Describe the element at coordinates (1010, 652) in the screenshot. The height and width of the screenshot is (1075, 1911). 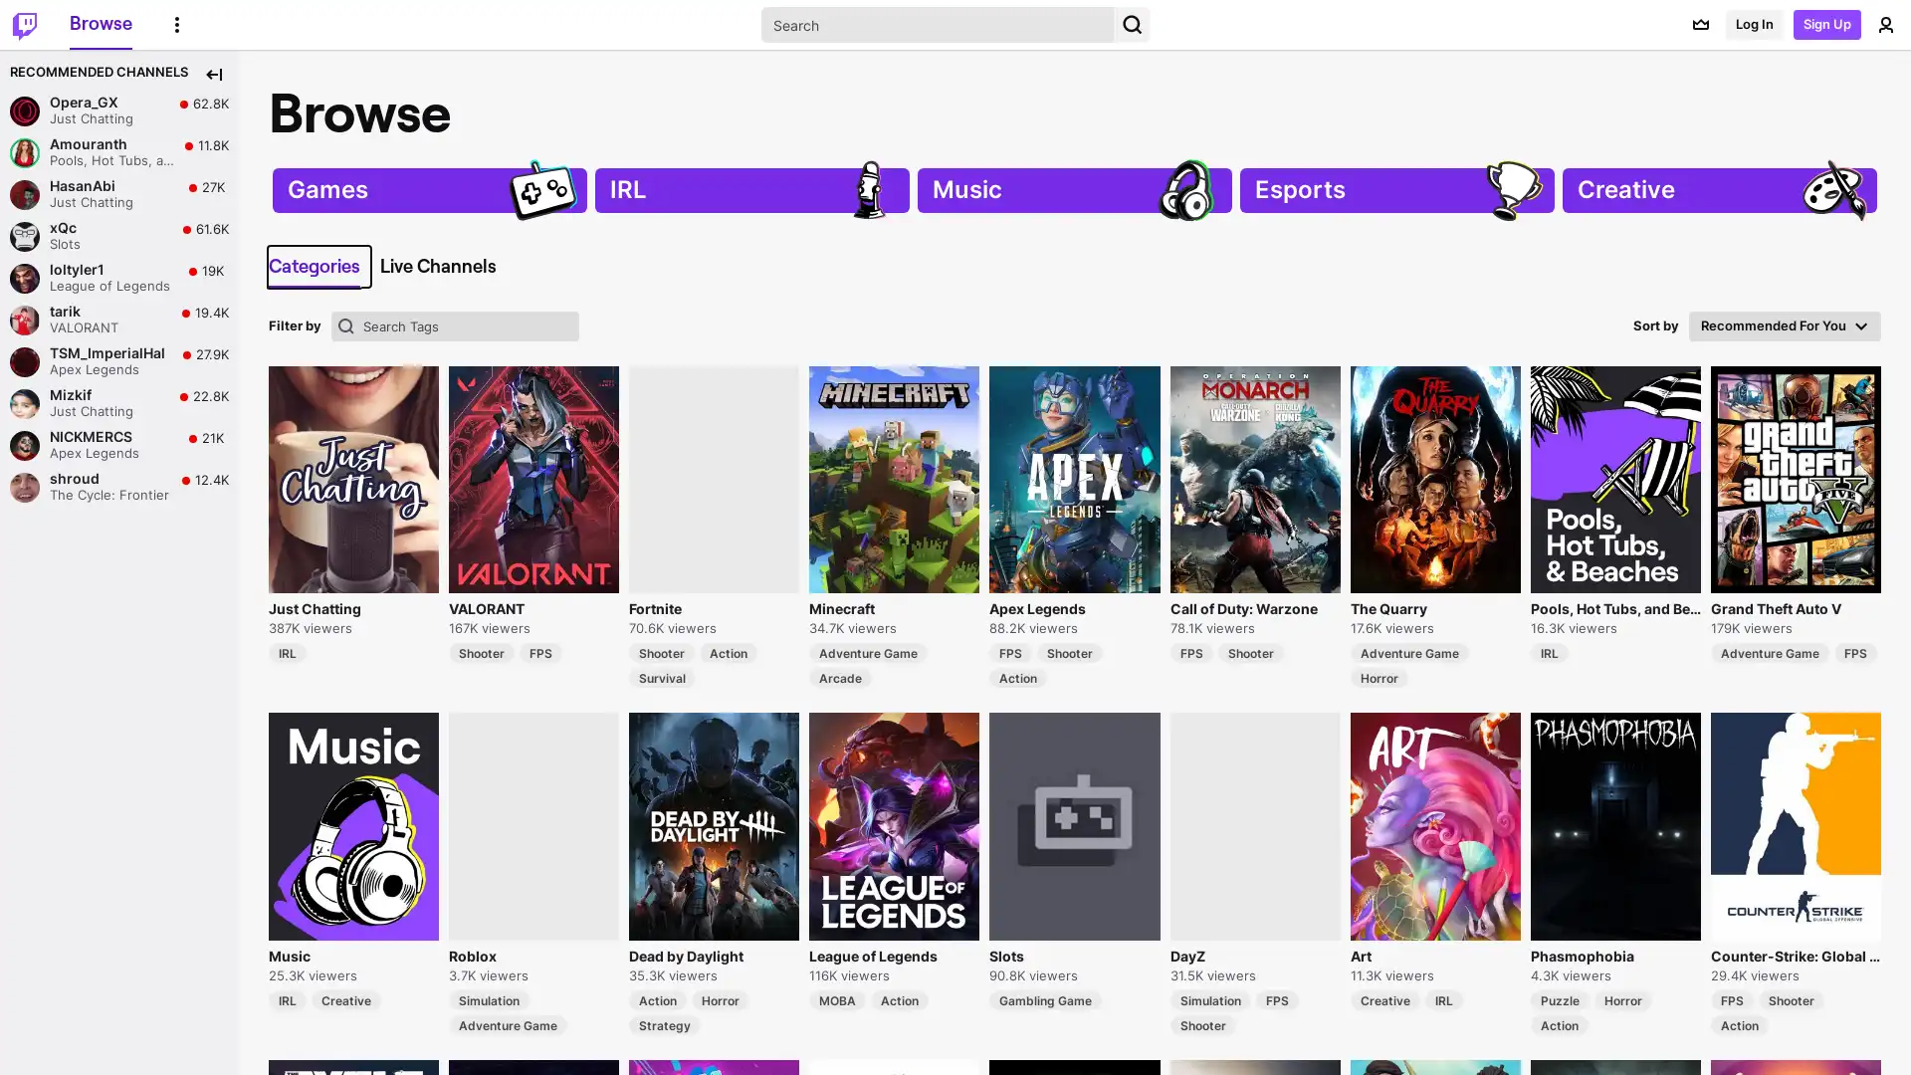
I see `FPS` at that location.